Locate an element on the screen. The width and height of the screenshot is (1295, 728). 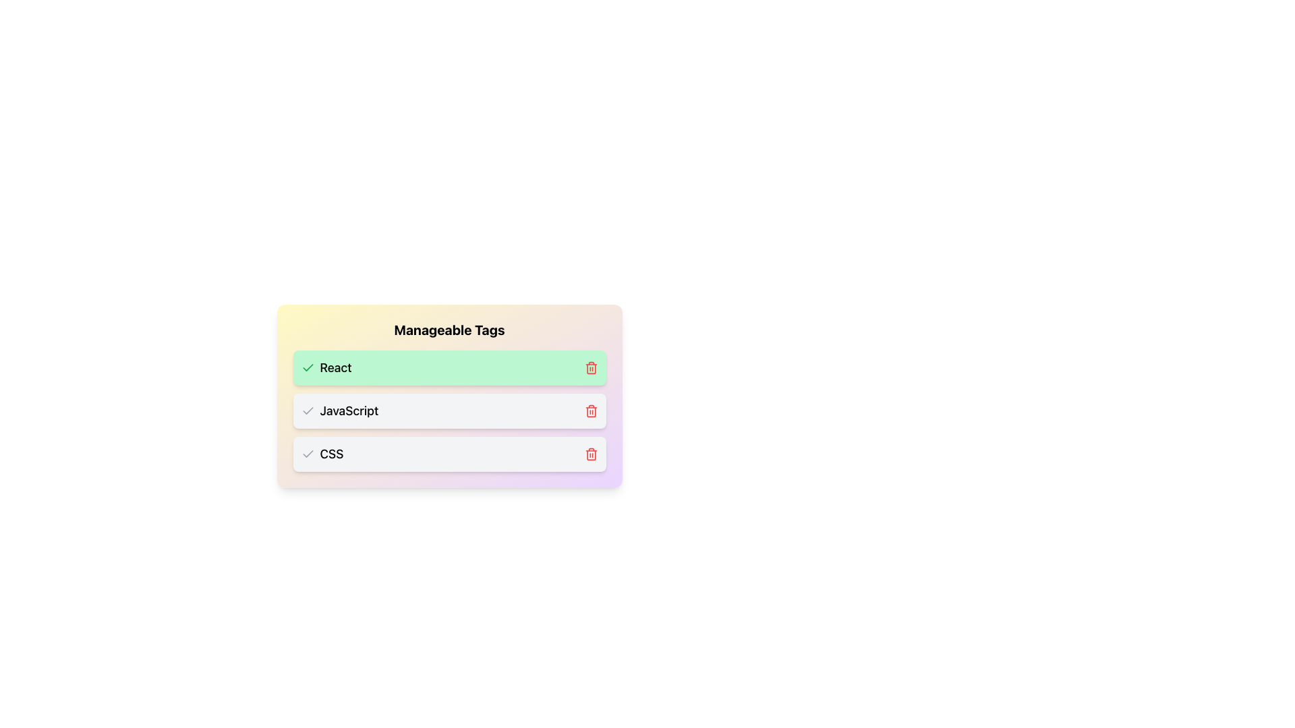
the red trash bin icon is located at coordinates (591, 454).